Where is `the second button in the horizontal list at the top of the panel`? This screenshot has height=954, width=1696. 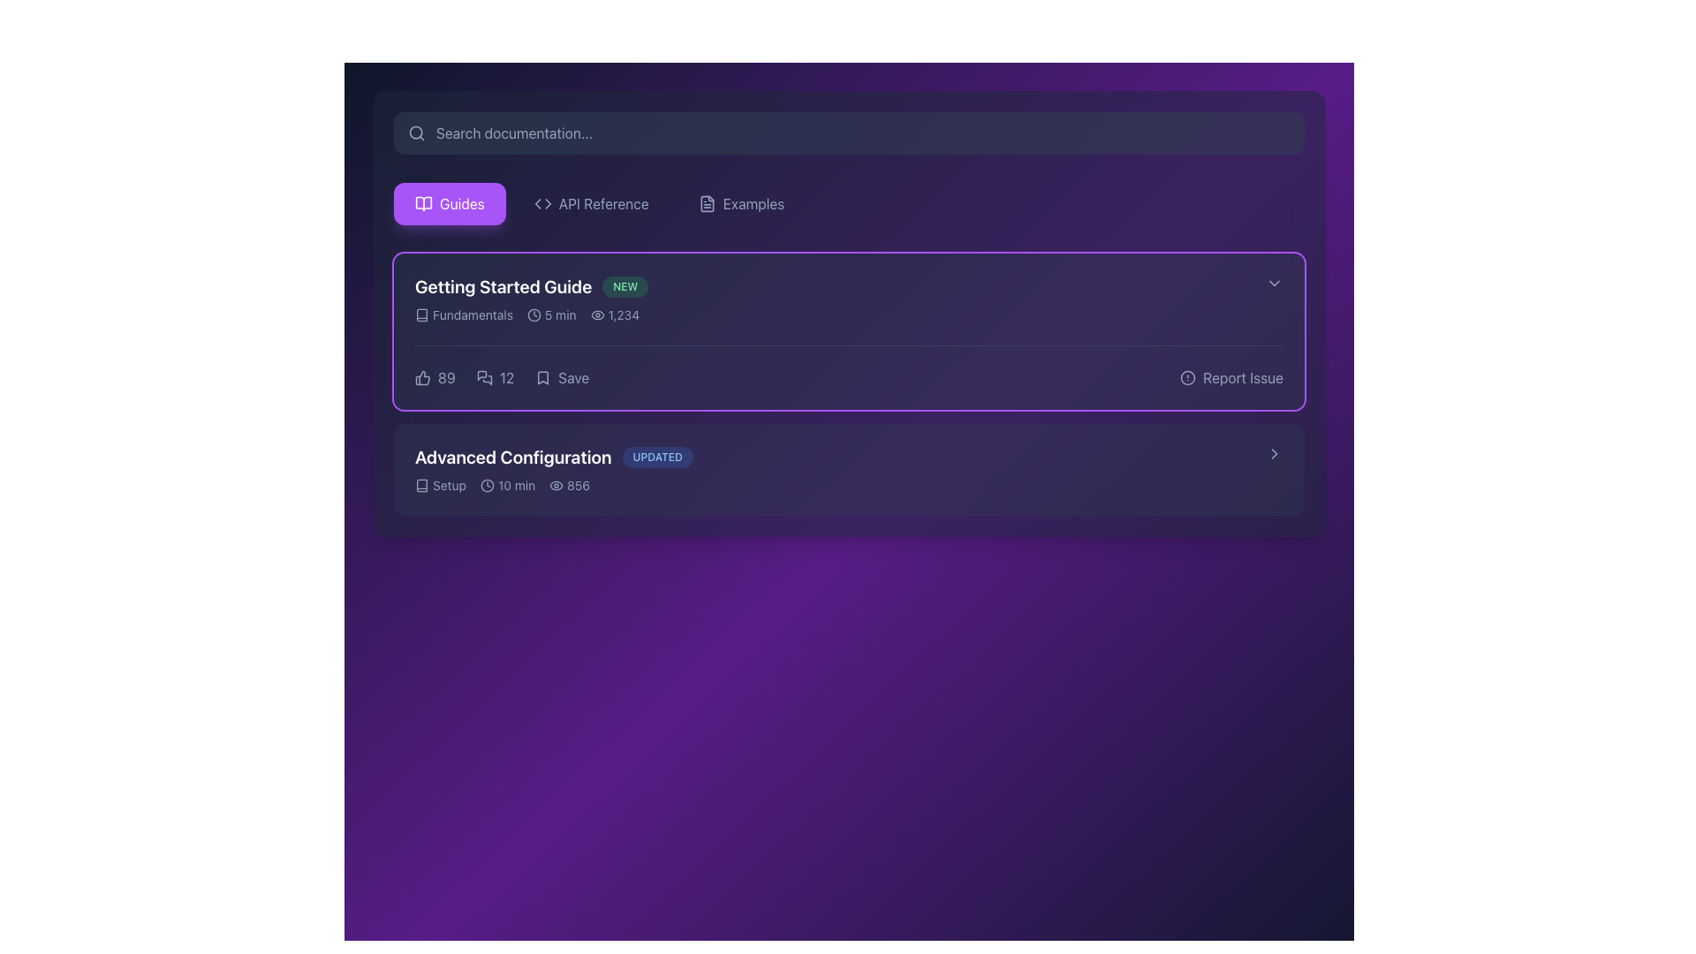
the second button in the horizontal list at the top of the panel is located at coordinates (591, 203).